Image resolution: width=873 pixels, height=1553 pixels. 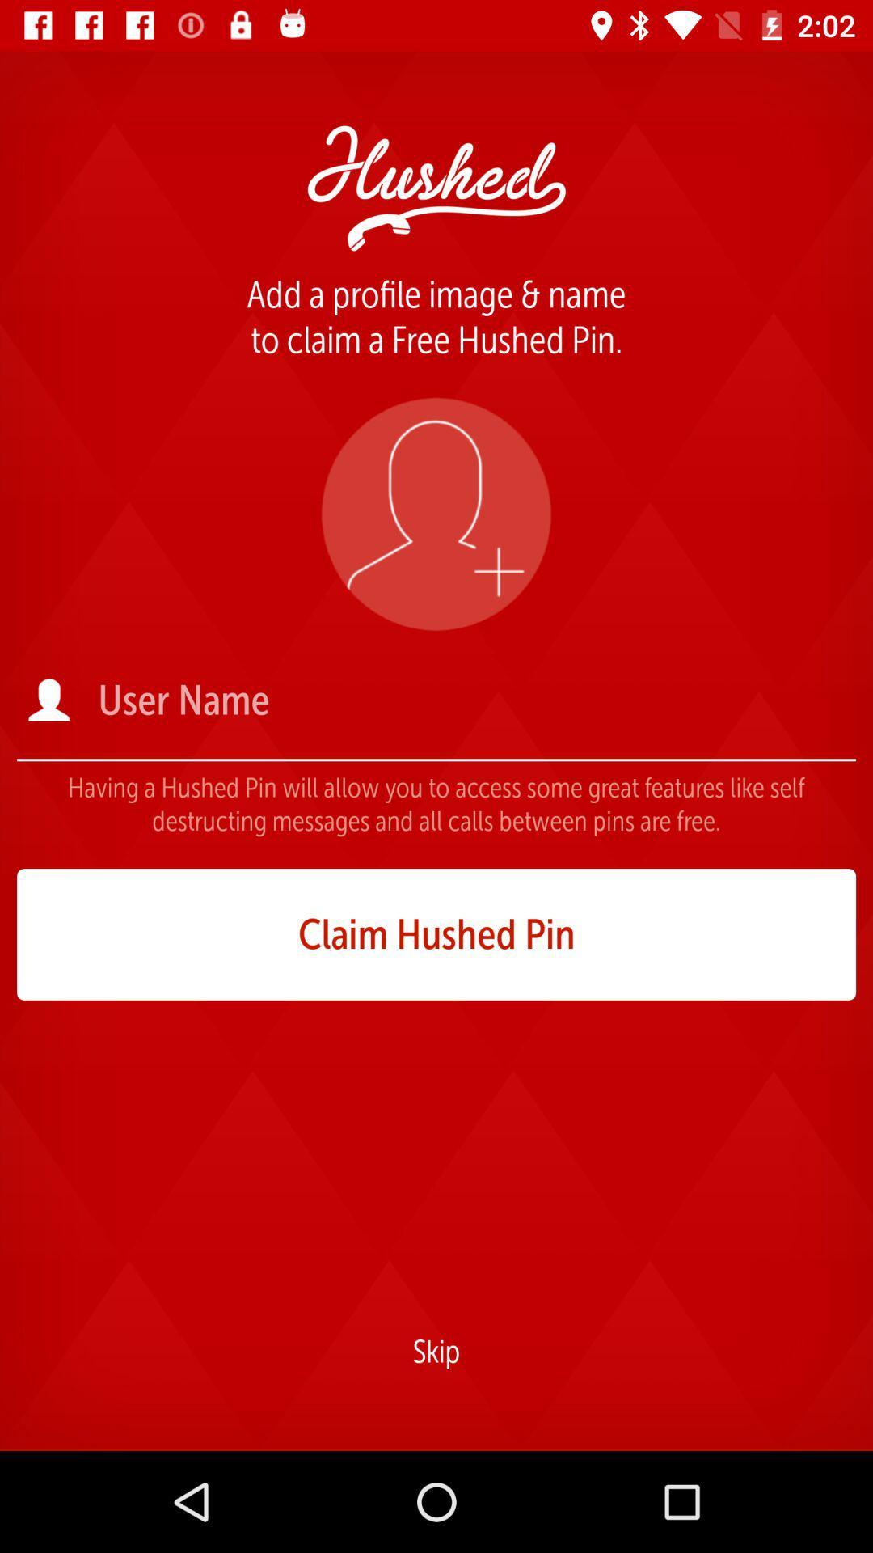 I want to click on profile image, so click(x=435, y=513).